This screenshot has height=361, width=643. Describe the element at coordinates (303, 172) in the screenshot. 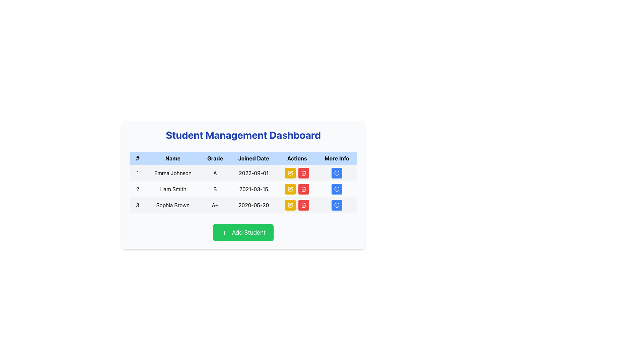

I see `the red trash bin icon inside the rectangular button in the 'Actions' column of the third row in the student management table` at that location.